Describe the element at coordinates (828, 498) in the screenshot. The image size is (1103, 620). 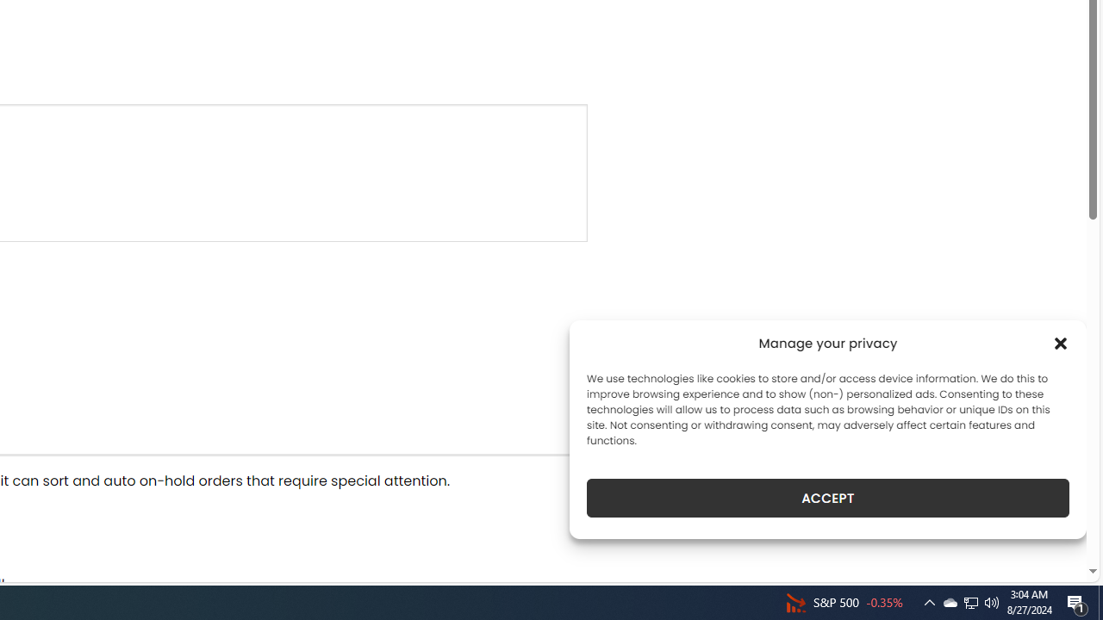
I see `'ACCEPT'` at that location.